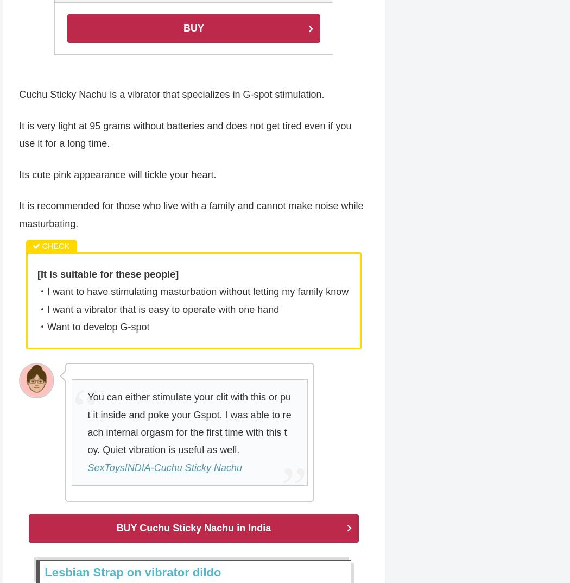 This screenshot has height=583, width=570. I want to click on 'It is very light at 95 grams without batteries and does not get tired even if you use it for a long time.', so click(185, 135).